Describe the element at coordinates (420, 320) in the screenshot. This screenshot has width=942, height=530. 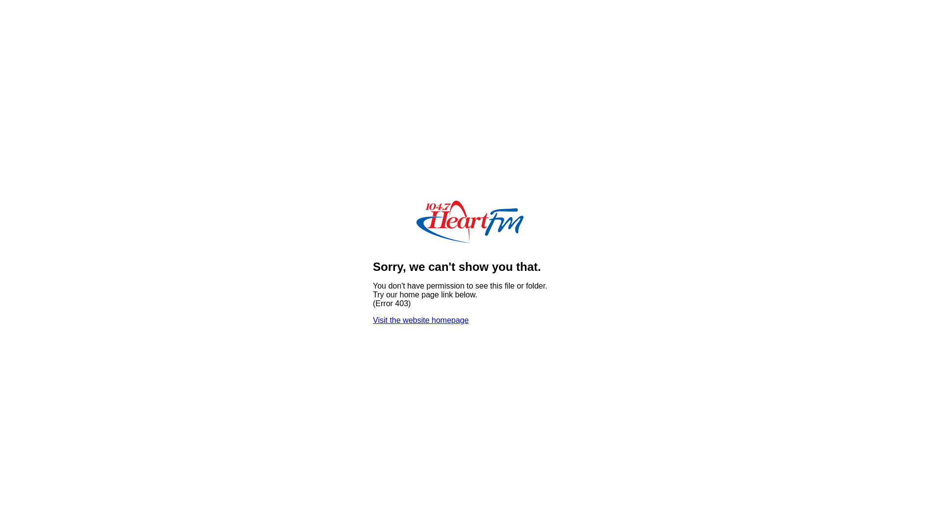
I see `'Visit the website homepage'` at that location.